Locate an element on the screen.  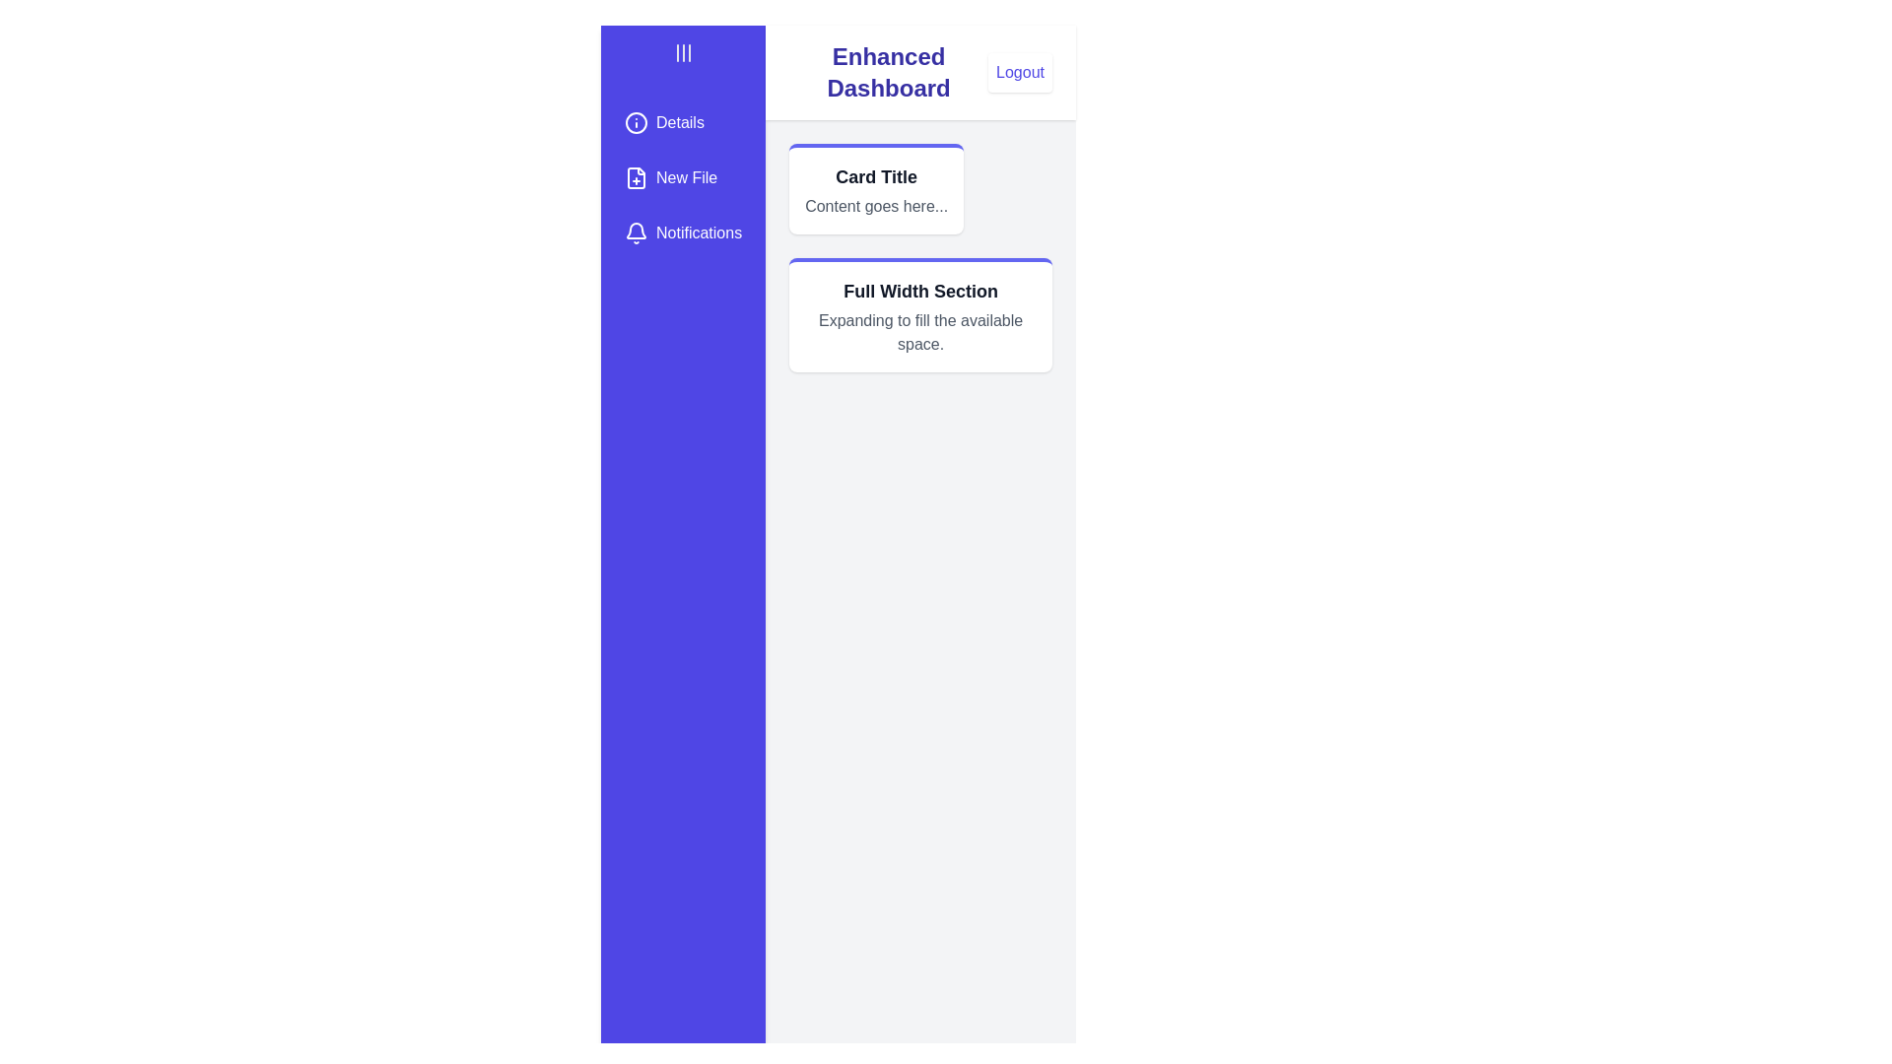
the third navigation link in the vertical menu, located between 'New File' and the main content area, to trigger a style change is located at coordinates (683, 232).